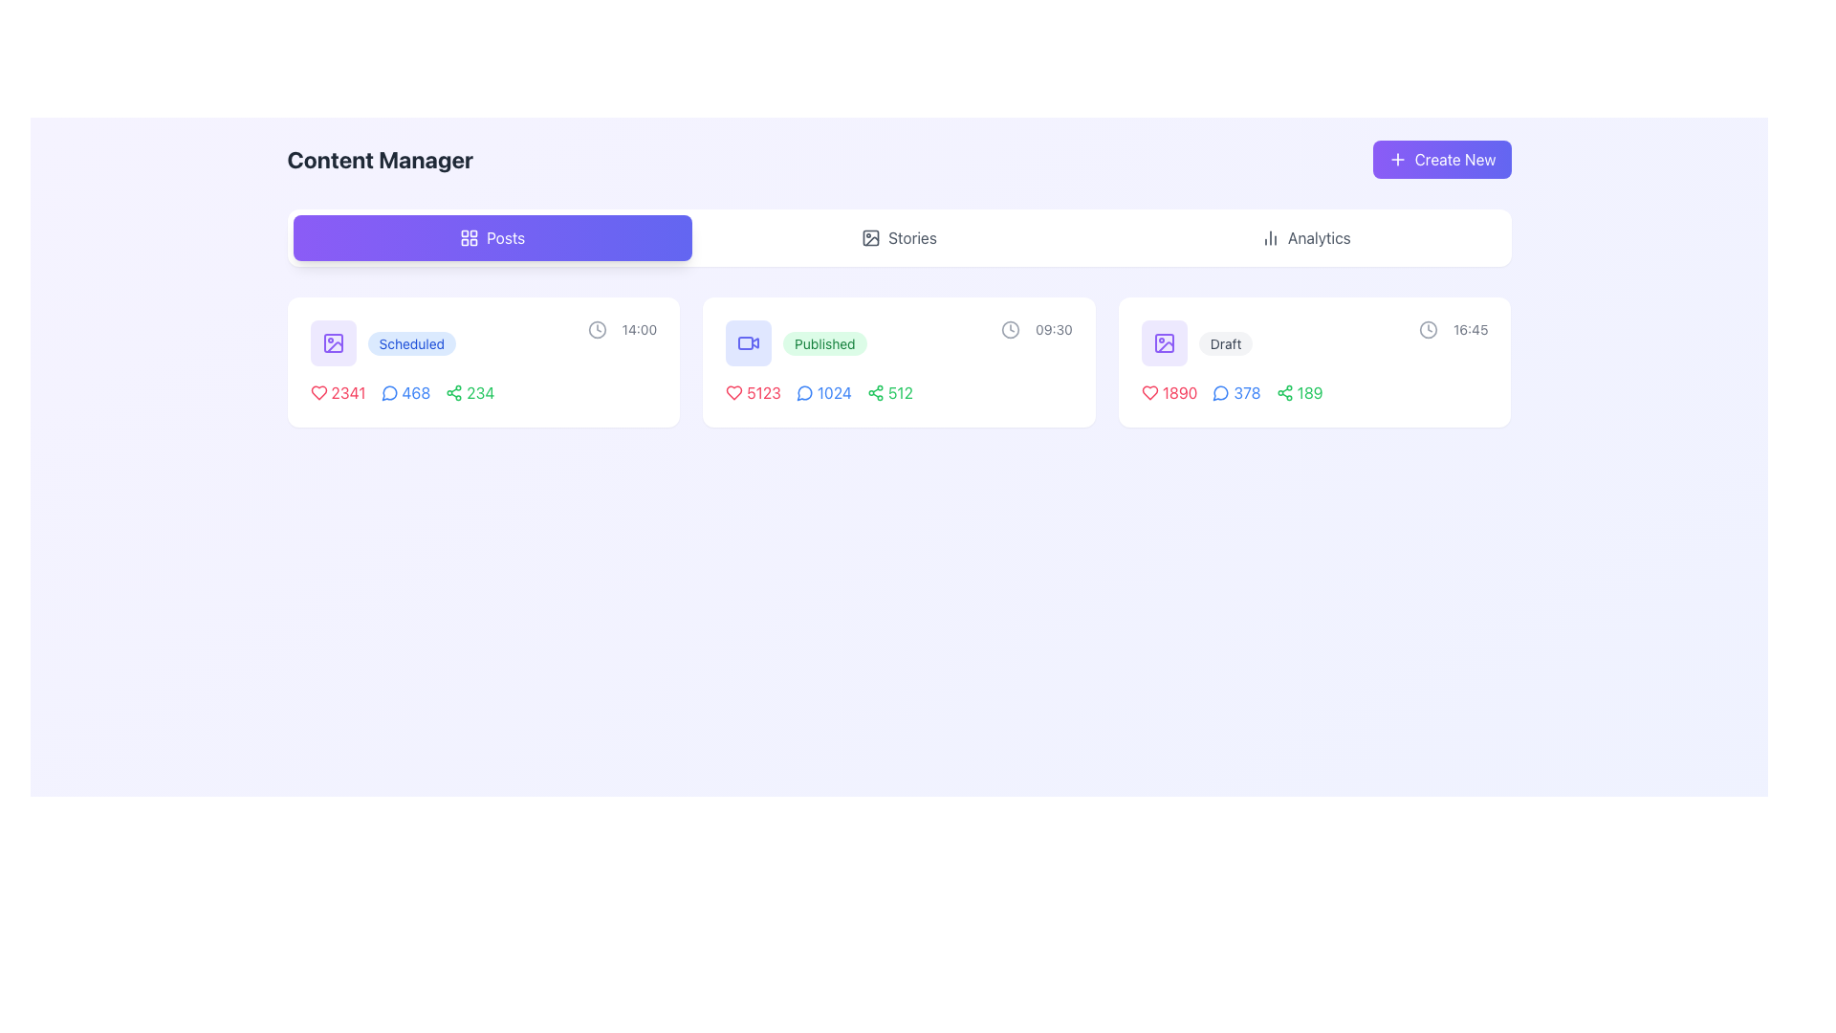 The image size is (1836, 1033). Describe the element at coordinates (338, 392) in the screenshot. I see `textual value '2341' displayed in red font with a red heart icon to its left, located at the top-left corner of the statistics row in the 'Scheduled' post card` at that location.